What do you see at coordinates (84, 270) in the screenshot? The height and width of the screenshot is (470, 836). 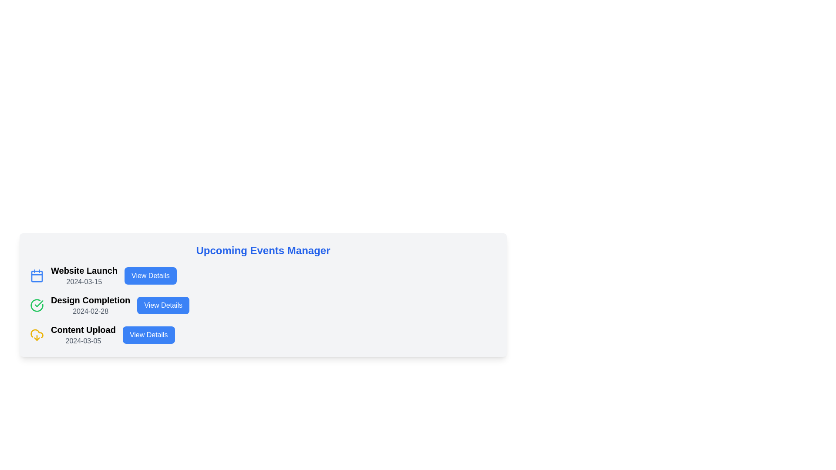 I see `the text label for the event 'Website Launch', which is the primary textual content at the top of the list of upcoming events` at bounding box center [84, 270].